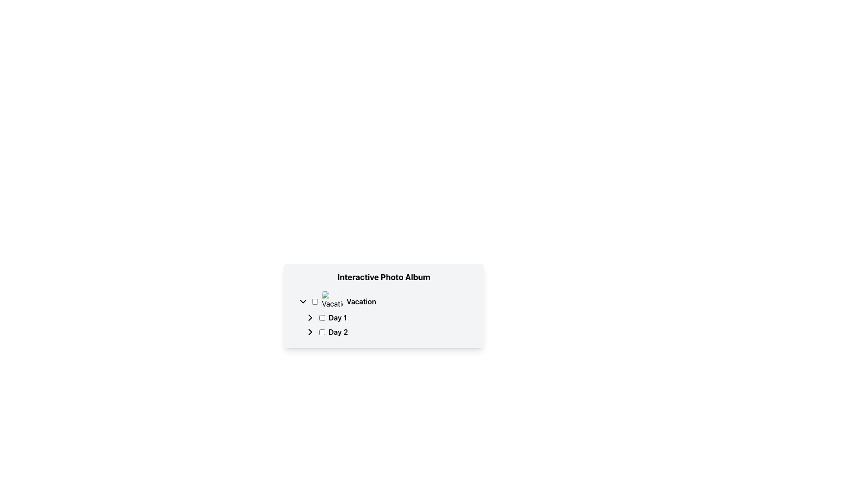  I want to click on the static text label 'Day 1', which indicates a subgroup under the 'Vacation' category in the hierarchical list of the 'Interactive Photo Album', so click(337, 317).